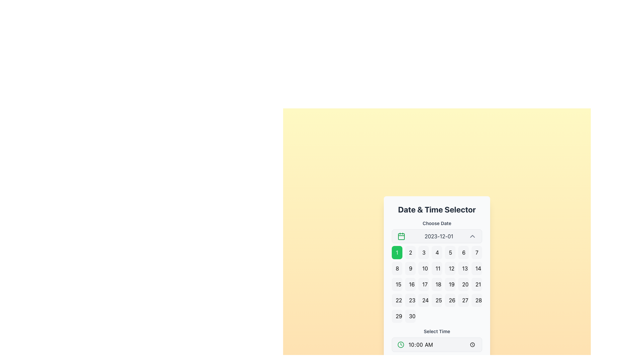 Image resolution: width=638 pixels, height=358 pixels. Describe the element at coordinates (450, 284) in the screenshot. I see `the fifth button in the third row of the 'Date & Time Selector' interface which allows the user to select '19' as the day in the calendar component` at that location.